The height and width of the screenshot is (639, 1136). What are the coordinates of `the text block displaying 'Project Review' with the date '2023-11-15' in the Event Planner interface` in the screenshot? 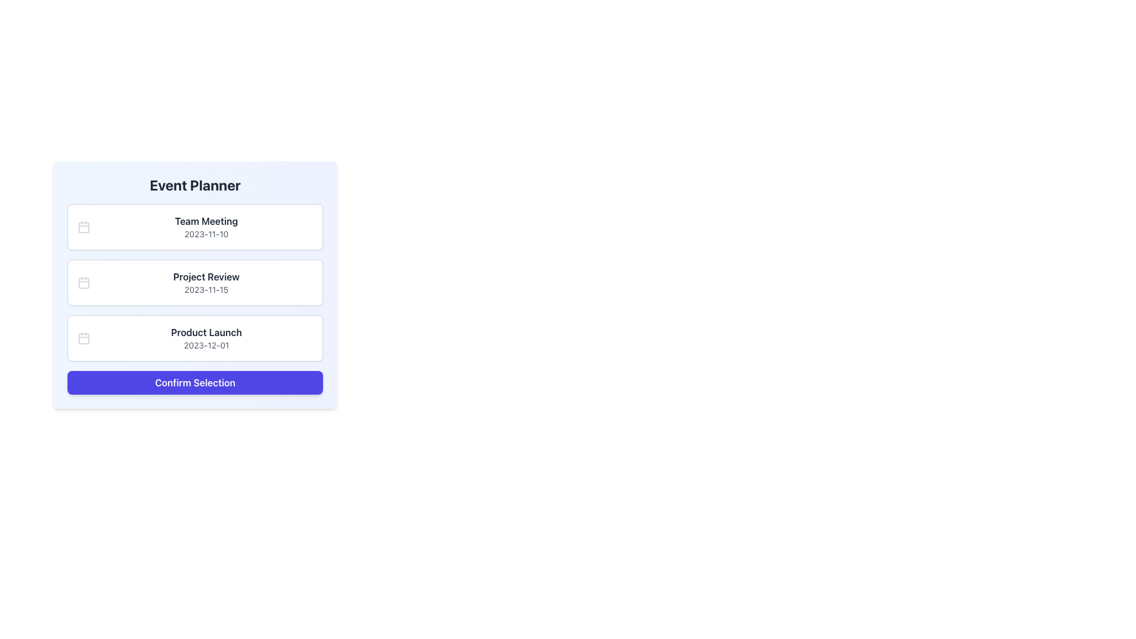 It's located at (206, 283).